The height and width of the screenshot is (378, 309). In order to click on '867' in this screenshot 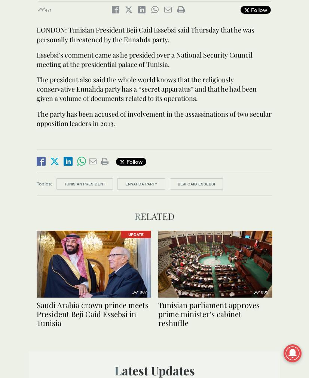, I will do `click(140, 291)`.